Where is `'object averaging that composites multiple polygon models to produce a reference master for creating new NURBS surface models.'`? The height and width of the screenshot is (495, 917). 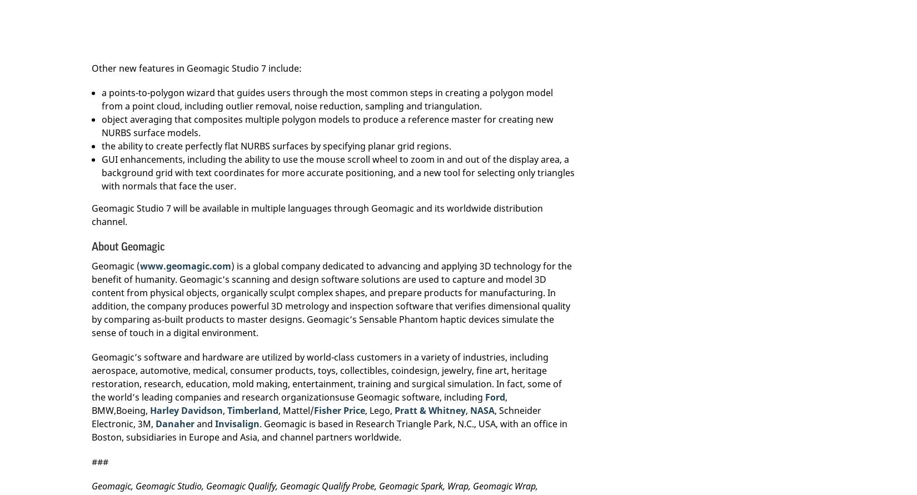 'object averaging that composites multiple polygon models to produce a reference master for creating new NURBS surface models.' is located at coordinates (101, 126).